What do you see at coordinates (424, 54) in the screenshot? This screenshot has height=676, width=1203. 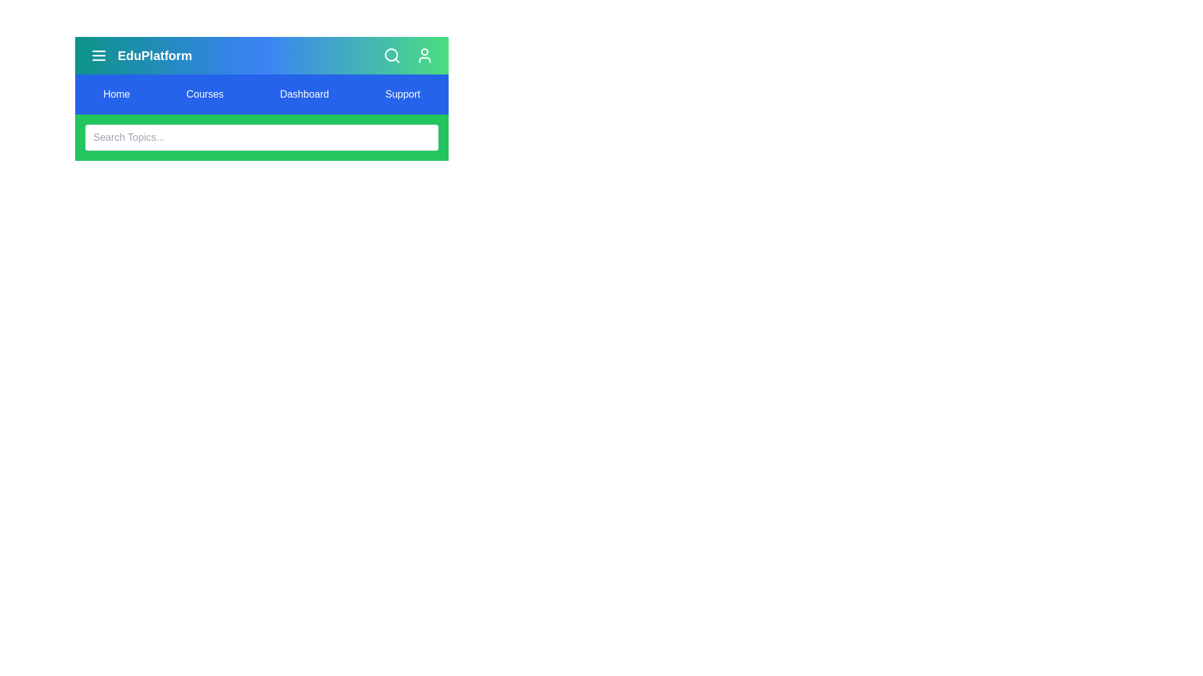 I see `the user profile icon in the top right corner of the app bar` at bounding box center [424, 54].